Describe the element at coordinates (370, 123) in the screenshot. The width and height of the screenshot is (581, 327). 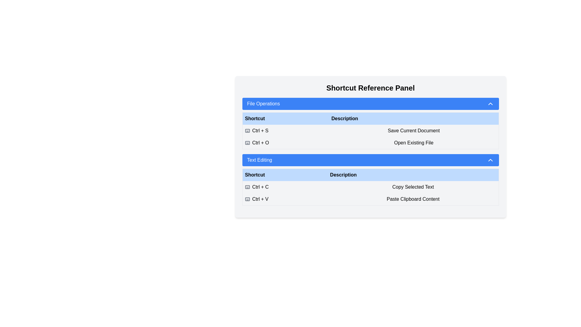
I see `the informational panel that provides shortcuts and their functionalities, located below the 'File Operations' header and above the 'Text Editing' header` at that location.